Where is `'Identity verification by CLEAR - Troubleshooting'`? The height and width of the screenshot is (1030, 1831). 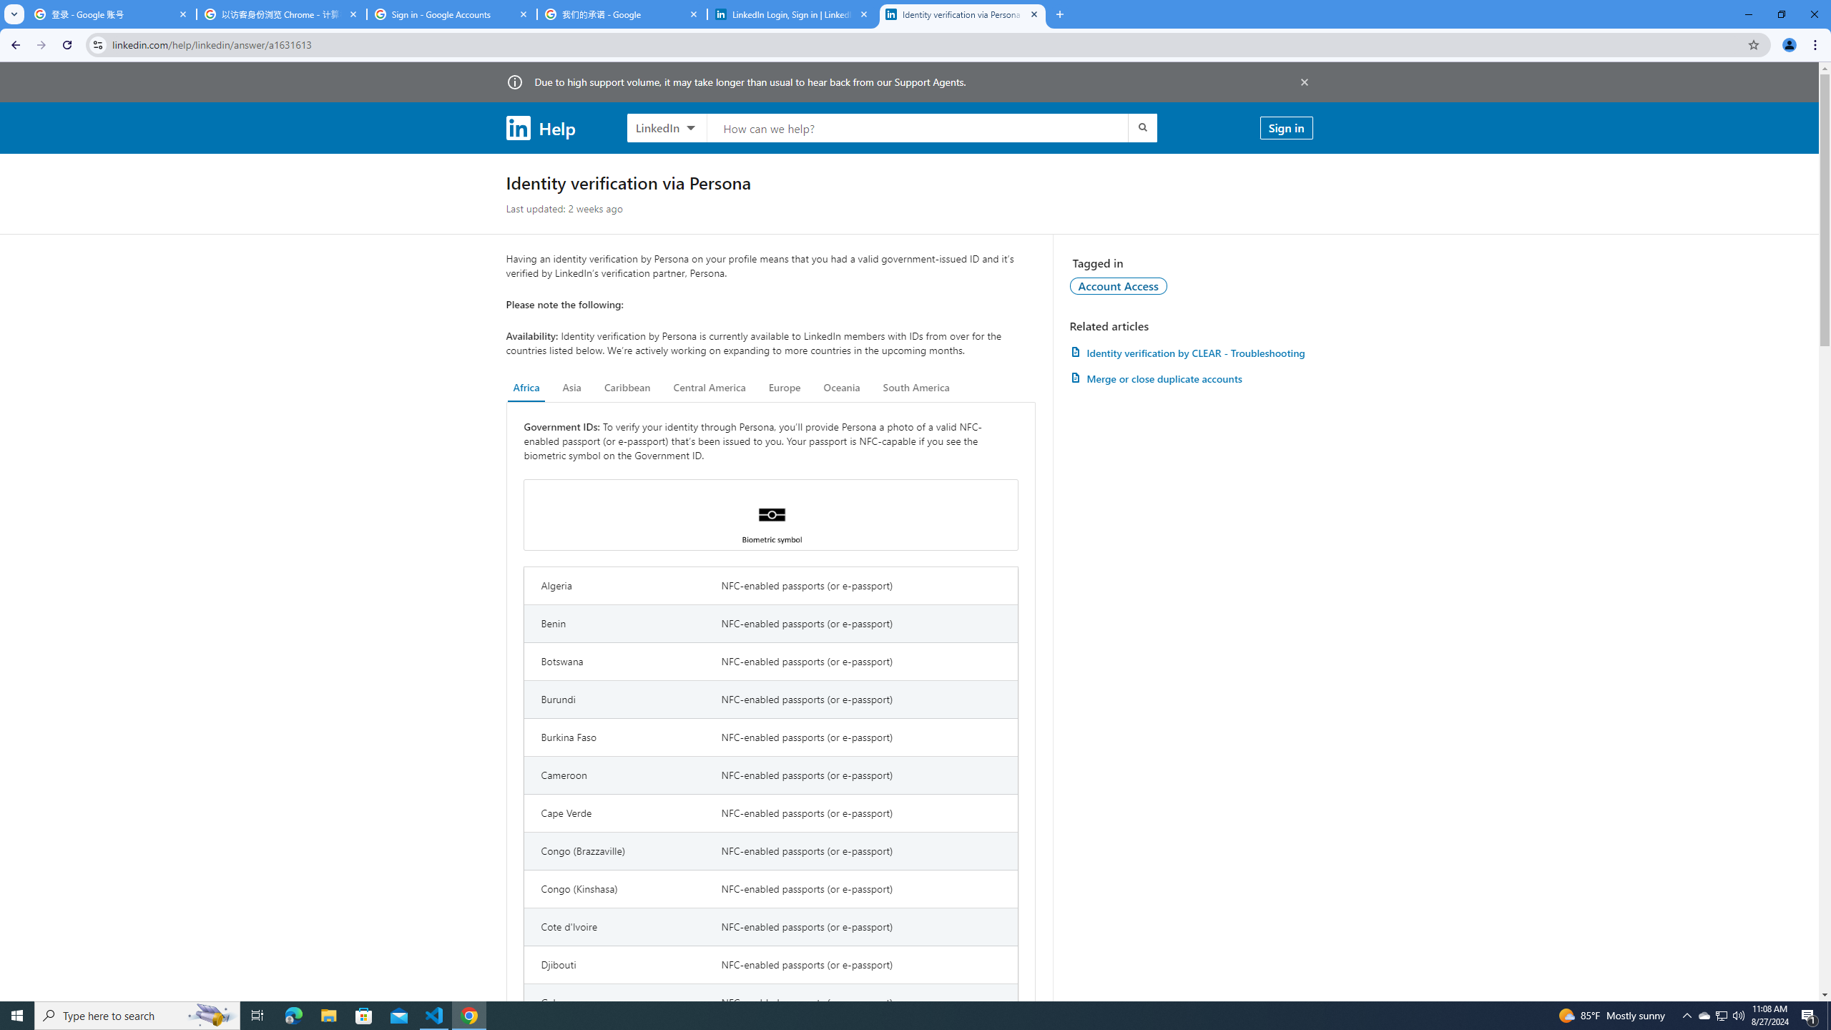
'Identity verification by CLEAR - Troubleshooting' is located at coordinates (1190, 353).